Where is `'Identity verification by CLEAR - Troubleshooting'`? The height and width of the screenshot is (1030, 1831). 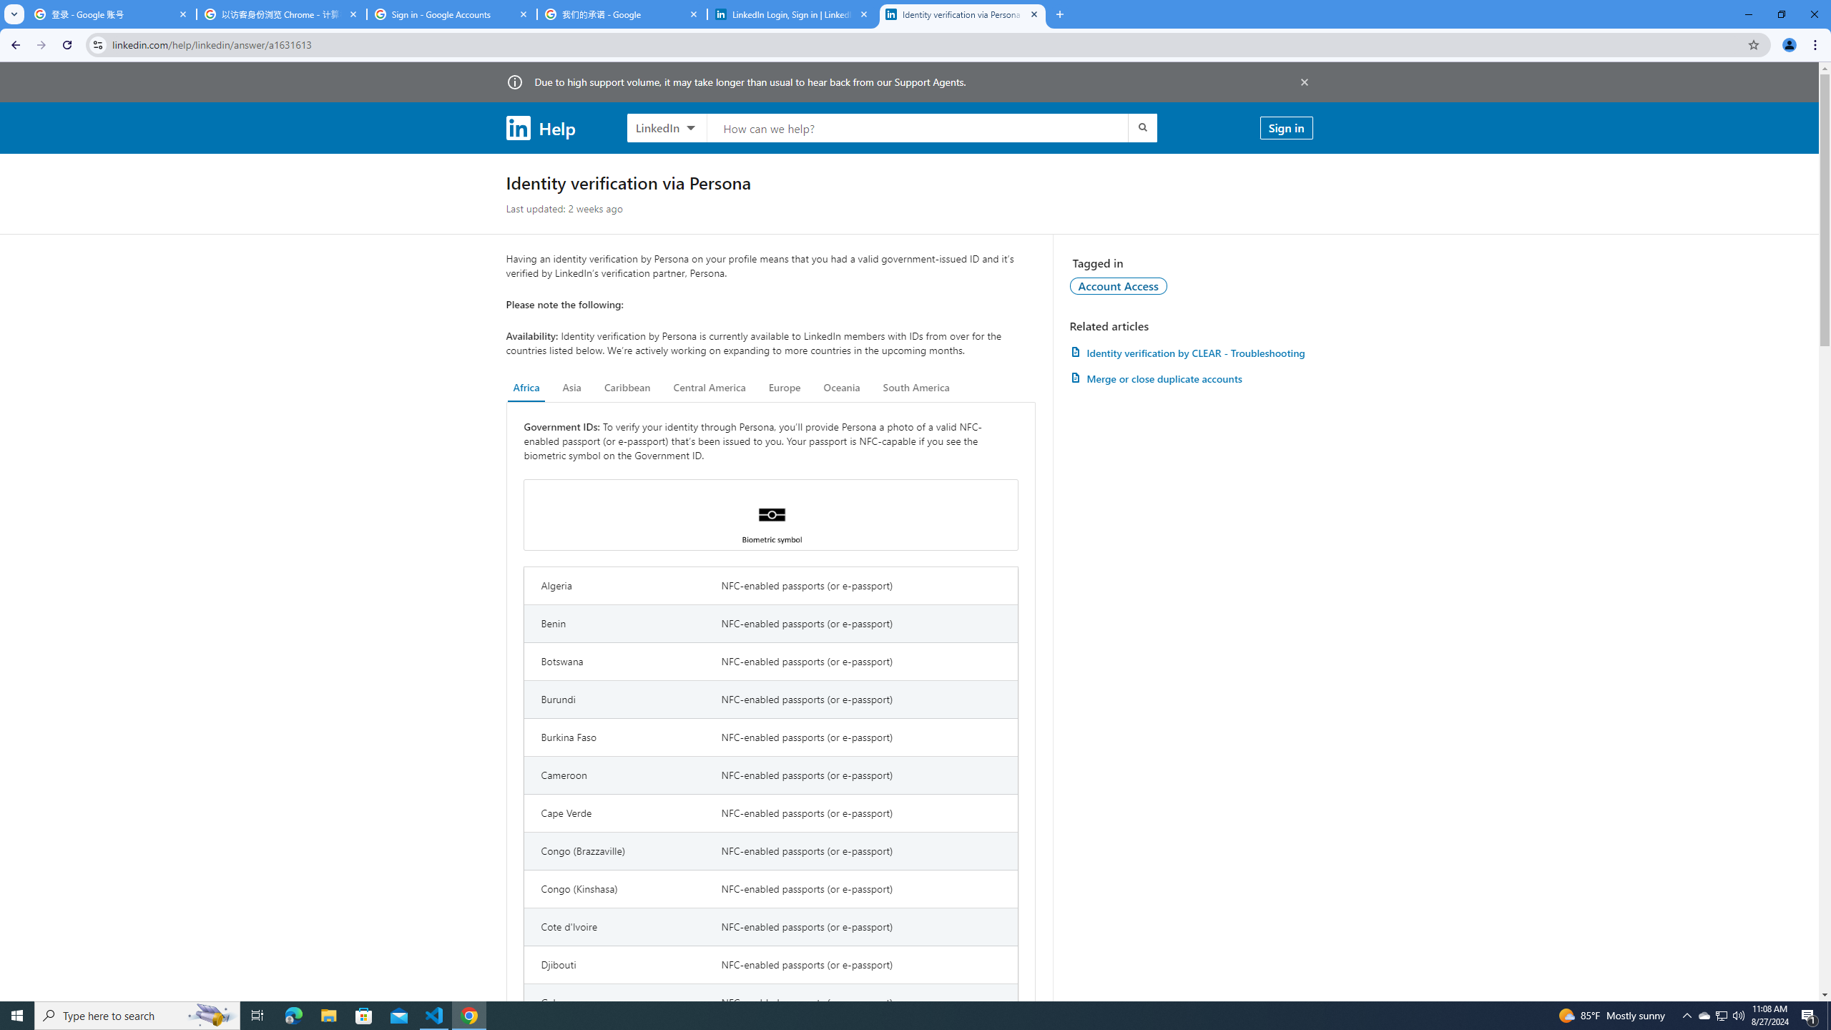
'Identity verification by CLEAR - Troubleshooting' is located at coordinates (1190, 353).